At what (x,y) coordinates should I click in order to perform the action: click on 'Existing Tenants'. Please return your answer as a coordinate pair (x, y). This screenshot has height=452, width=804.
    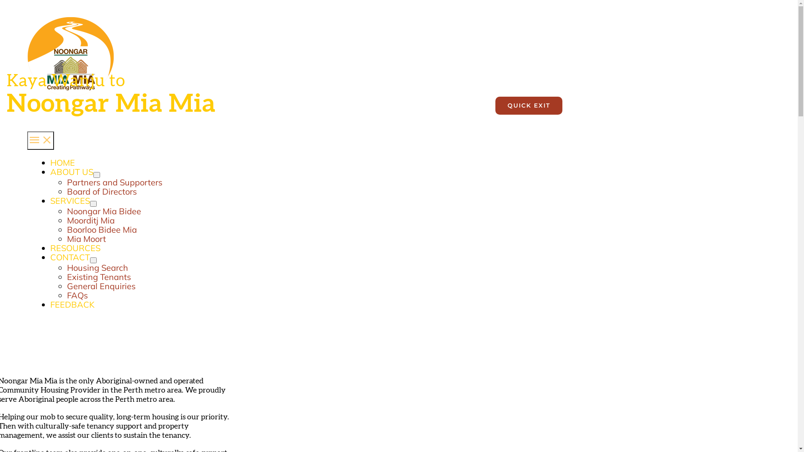
    Looking at the image, I should click on (99, 277).